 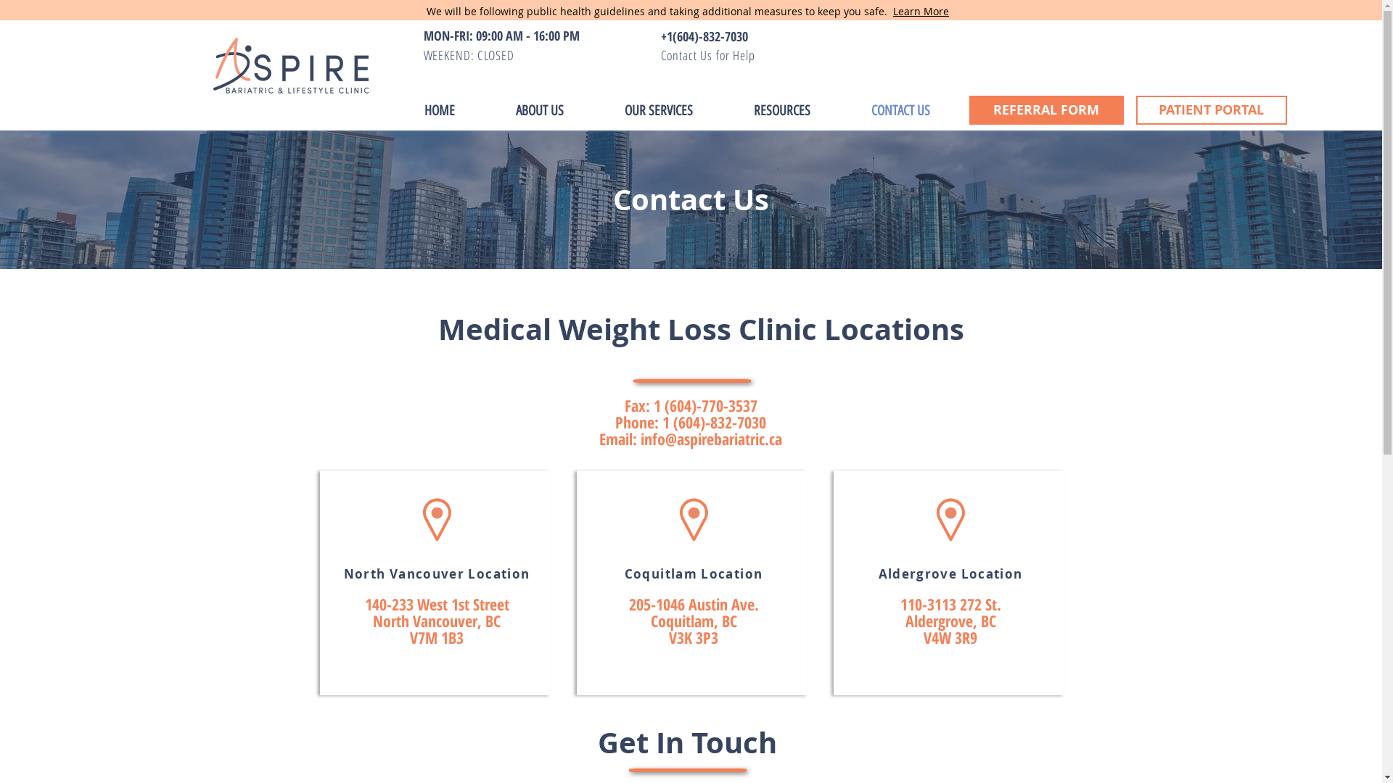 I want to click on 'Learn More', so click(x=892, y=11).